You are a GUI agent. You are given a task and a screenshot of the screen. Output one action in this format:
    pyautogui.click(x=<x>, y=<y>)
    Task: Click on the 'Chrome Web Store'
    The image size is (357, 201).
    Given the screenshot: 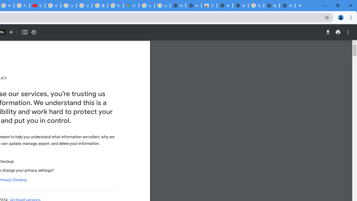 What is the action you would take?
    pyautogui.click(x=209, y=6)
    